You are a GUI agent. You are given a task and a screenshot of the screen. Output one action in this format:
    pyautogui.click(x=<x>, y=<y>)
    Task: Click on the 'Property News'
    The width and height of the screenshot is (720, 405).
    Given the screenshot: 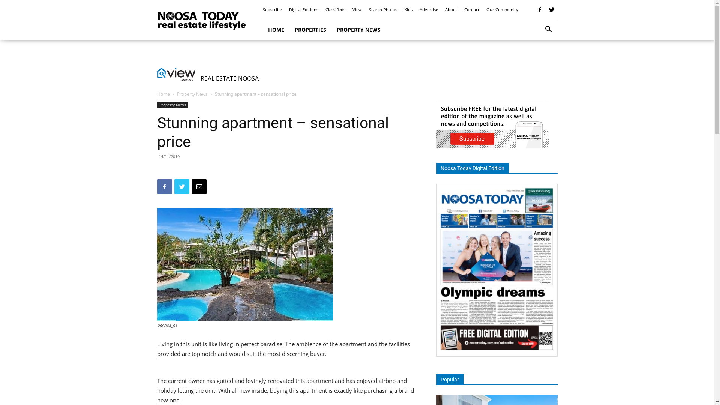 What is the action you would take?
    pyautogui.click(x=176, y=93)
    